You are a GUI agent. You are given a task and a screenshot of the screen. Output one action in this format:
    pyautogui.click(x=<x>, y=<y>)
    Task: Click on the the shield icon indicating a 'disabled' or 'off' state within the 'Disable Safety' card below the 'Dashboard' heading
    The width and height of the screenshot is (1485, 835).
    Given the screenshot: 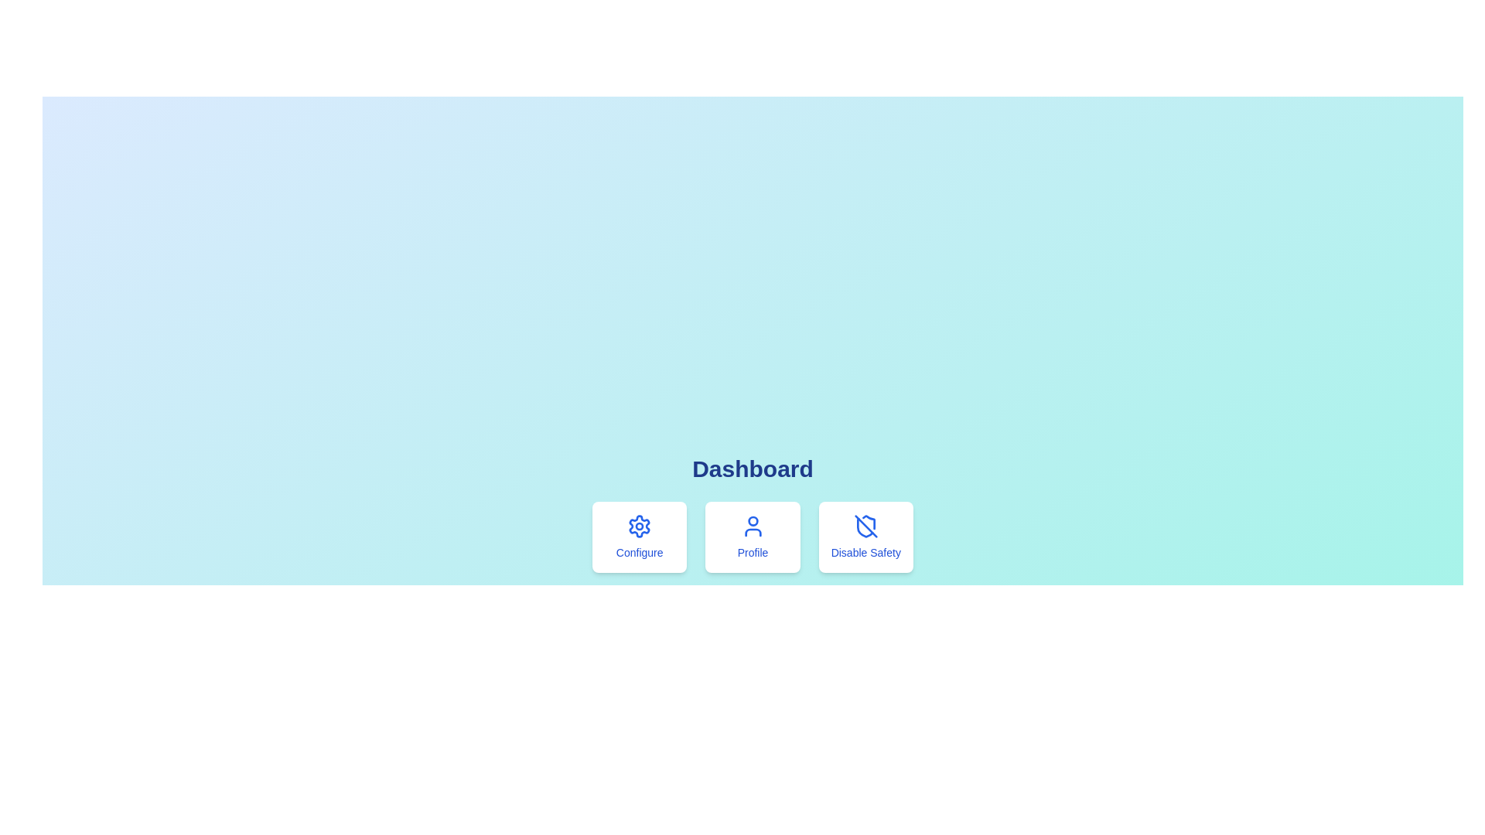 What is the action you would take?
    pyautogui.click(x=865, y=526)
    